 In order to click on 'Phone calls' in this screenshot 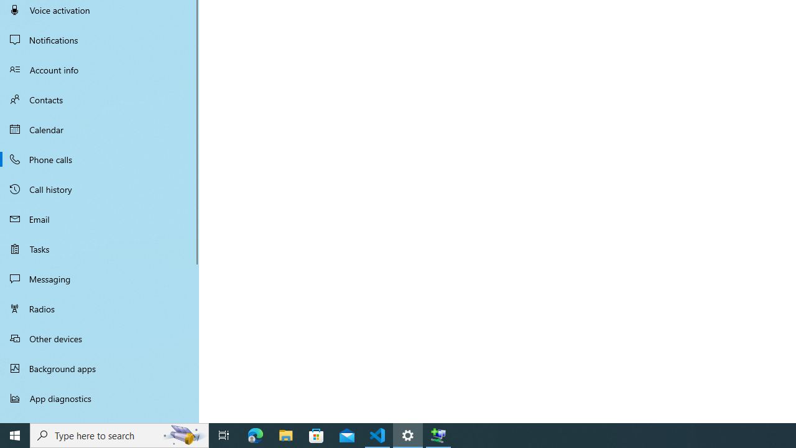, I will do `click(99, 158)`.